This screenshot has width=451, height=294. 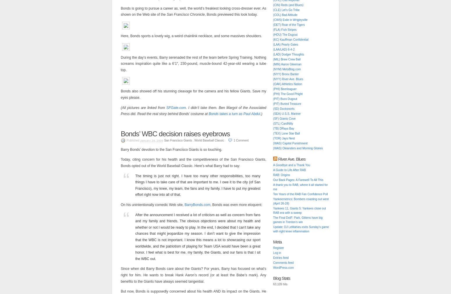 I want to click on 'Barry Bonds’ devotion to the San Francisco Giants is so touching.', so click(x=171, y=149).